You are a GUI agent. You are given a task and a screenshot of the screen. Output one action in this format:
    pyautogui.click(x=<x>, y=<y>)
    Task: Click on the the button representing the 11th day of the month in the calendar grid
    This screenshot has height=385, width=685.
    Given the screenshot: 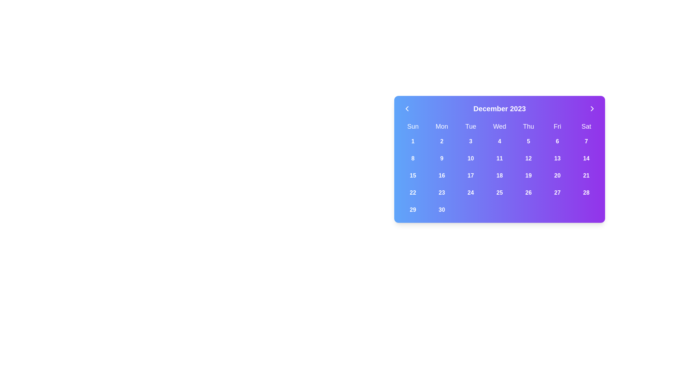 What is the action you would take?
    pyautogui.click(x=499, y=158)
    